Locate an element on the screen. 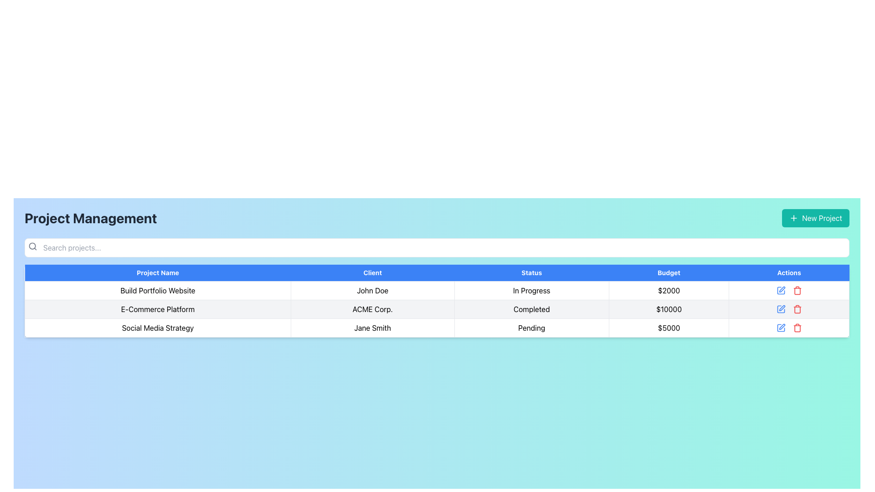 This screenshot has width=875, height=492. the text label displaying '$10000' under the 'Budget' column in the second row of the table is located at coordinates (669, 308).